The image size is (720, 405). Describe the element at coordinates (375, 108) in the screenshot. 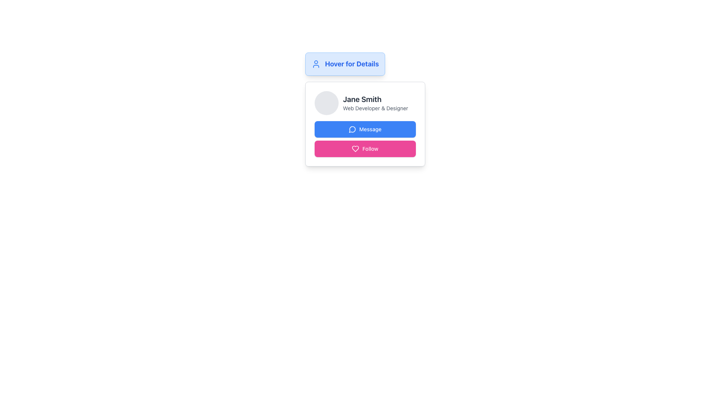

I see `the text label displaying 'Web Developer & Designer' which is positioned directly below 'Jane Smith' in a card-like section` at that location.